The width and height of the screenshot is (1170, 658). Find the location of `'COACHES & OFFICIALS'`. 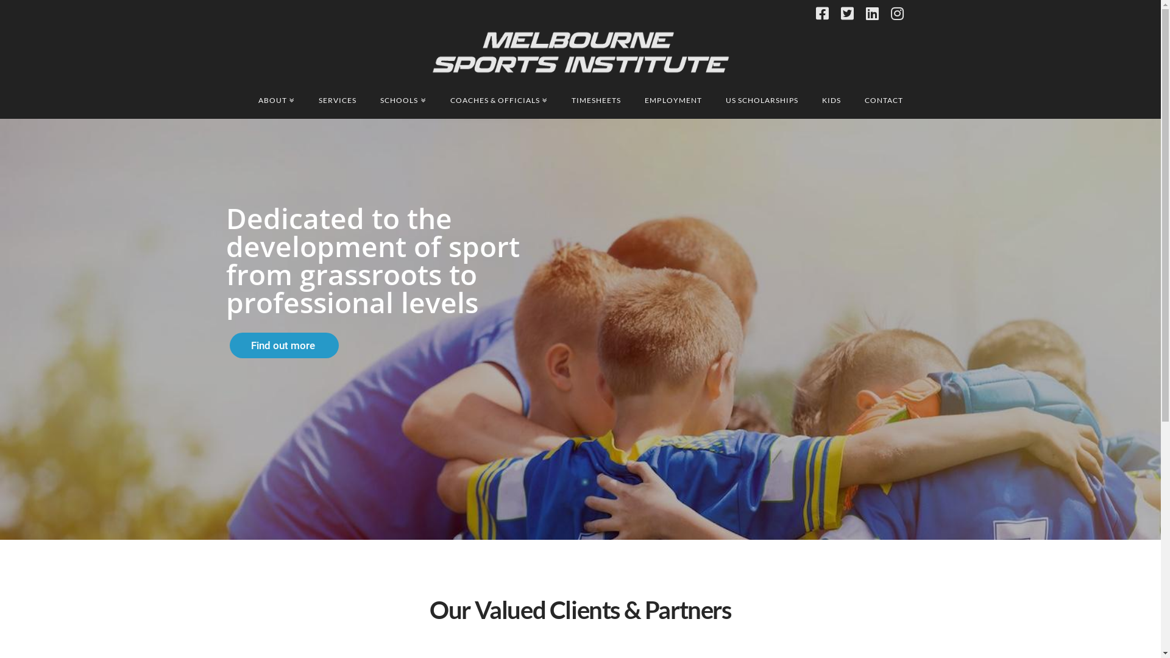

'COACHES & OFFICIALS' is located at coordinates (499, 100).